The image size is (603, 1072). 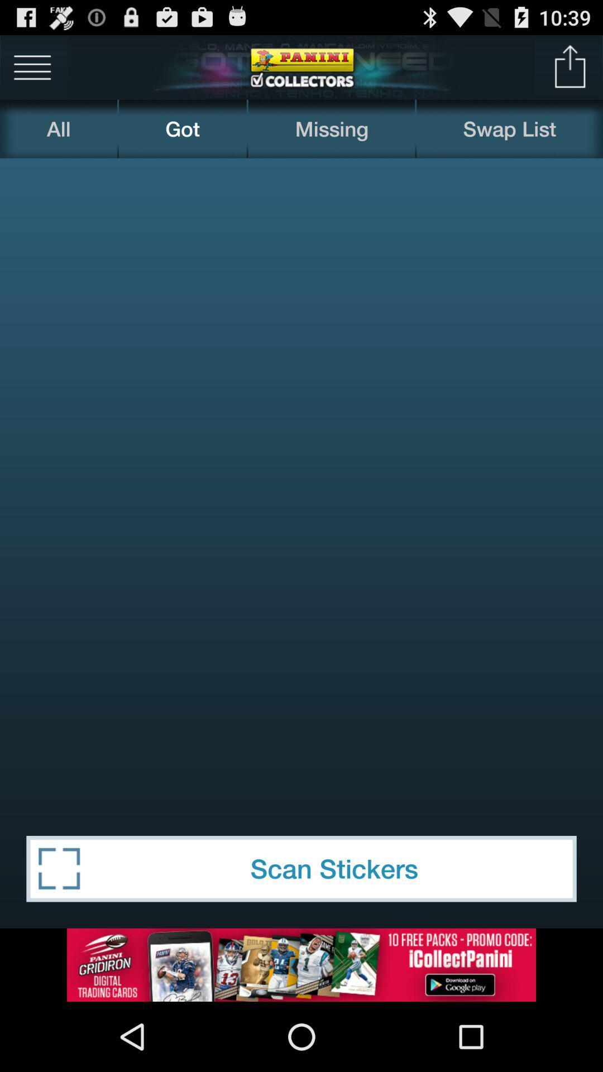 I want to click on item below scan stickers icon, so click(x=301, y=964).